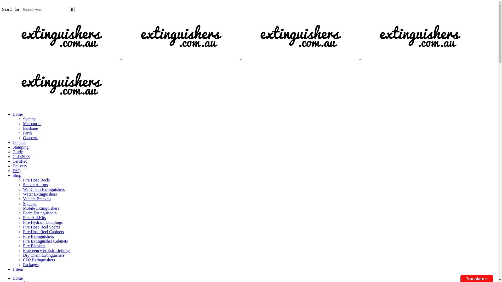 The image size is (502, 282). I want to click on 'FAQ', so click(16, 171).